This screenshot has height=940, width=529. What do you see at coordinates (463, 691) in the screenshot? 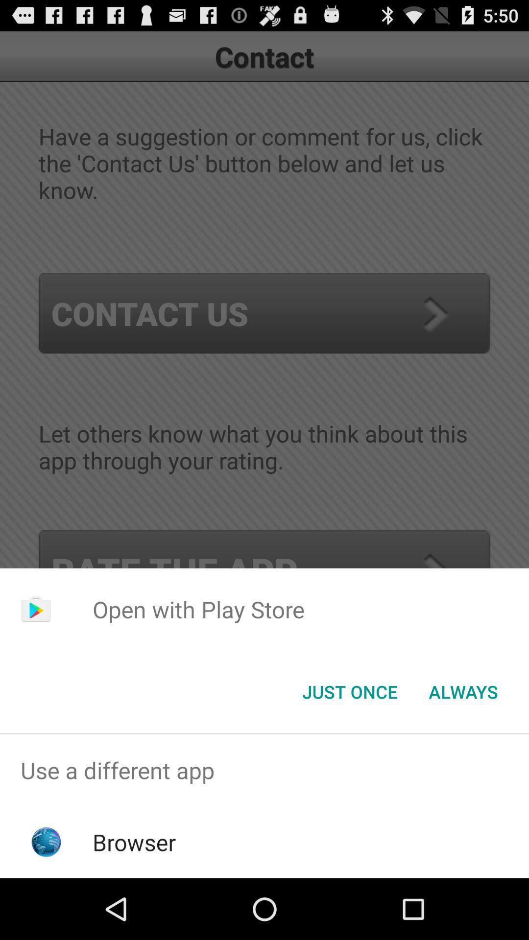
I see `always` at bounding box center [463, 691].